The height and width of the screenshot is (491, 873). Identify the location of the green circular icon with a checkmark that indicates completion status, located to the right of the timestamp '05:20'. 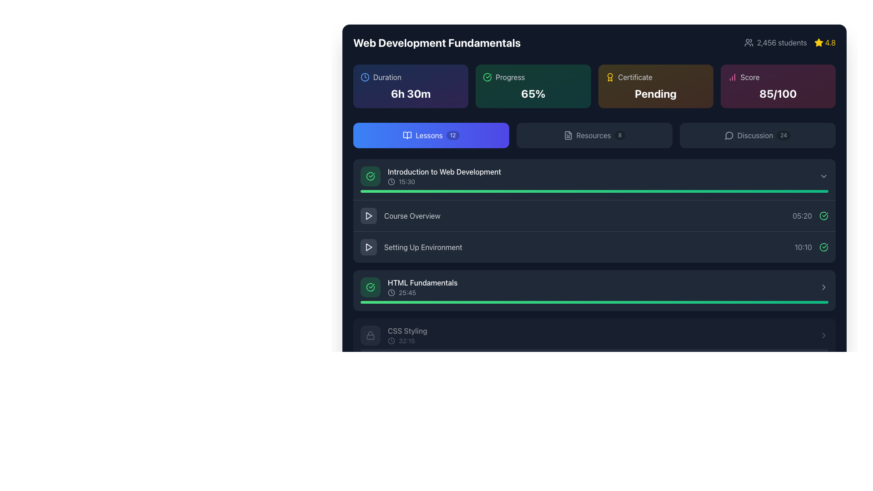
(823, 215).